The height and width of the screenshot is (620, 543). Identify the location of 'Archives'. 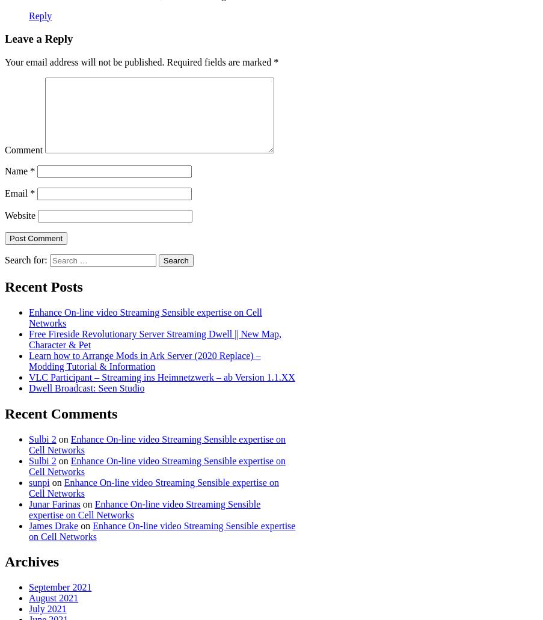
(4, 560).